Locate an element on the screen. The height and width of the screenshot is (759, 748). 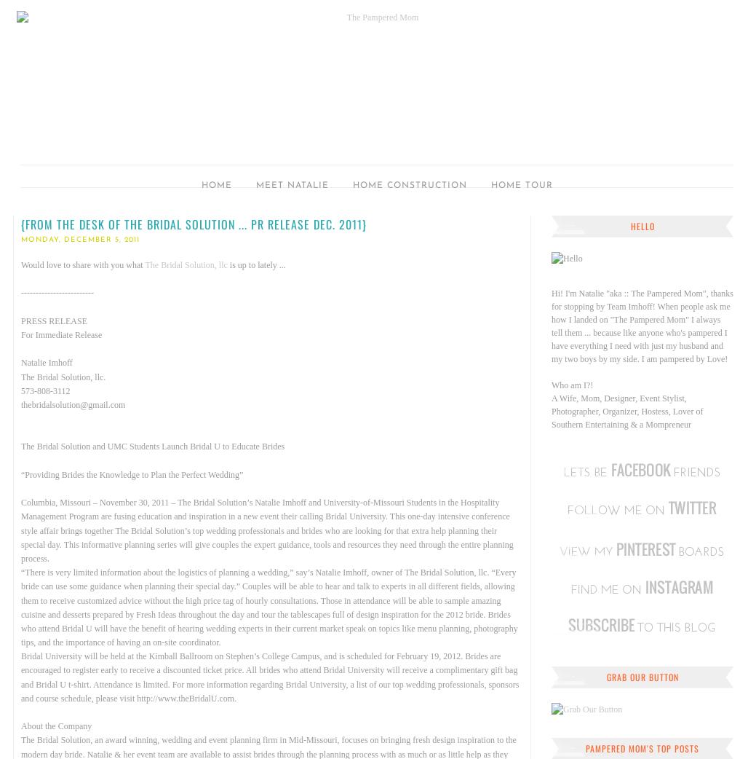
'For Immediate Release' is located at coordinates (60, 334).